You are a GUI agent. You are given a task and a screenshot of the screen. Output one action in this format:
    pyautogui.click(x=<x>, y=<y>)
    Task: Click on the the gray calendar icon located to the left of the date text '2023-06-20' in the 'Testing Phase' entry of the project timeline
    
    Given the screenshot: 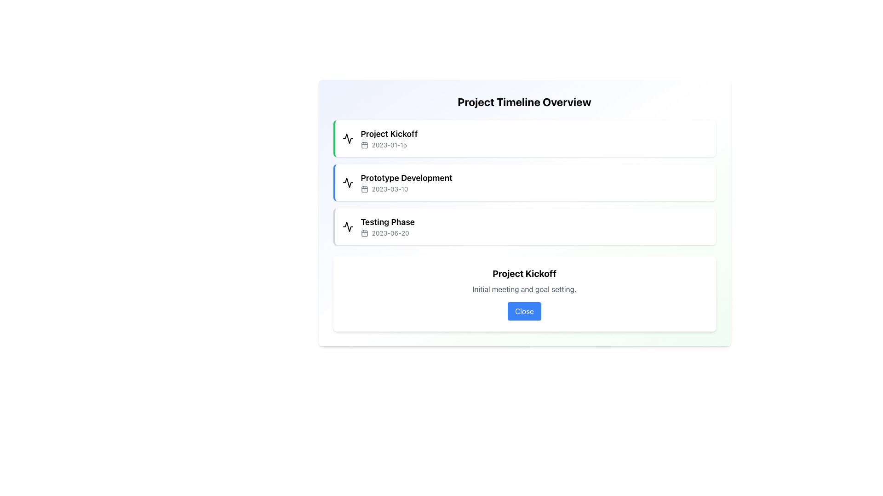 What is the action you would take?
    pyautogui.click(x=364, y=233)
    